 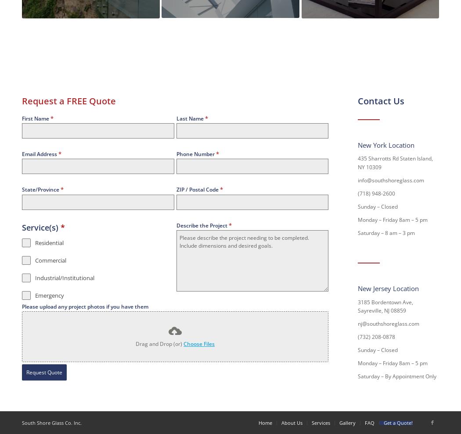 What do you see at coordinates (385, 306) in the screenshot?
I see `'3185 Bordentown Ave, Sayreville, NJ 08859'` at bounding box center [385, 306].